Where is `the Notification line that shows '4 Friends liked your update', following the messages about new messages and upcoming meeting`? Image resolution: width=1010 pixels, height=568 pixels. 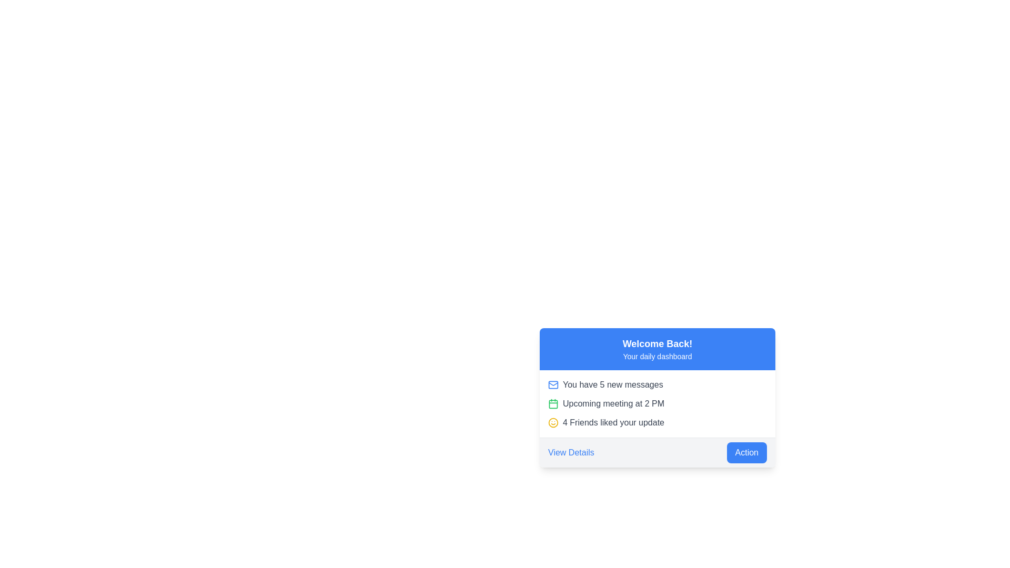
the Notification line that shows '4 Friends liked your update', following the messages about new messages and upcoming meeting is located at coordinates (656, 422).